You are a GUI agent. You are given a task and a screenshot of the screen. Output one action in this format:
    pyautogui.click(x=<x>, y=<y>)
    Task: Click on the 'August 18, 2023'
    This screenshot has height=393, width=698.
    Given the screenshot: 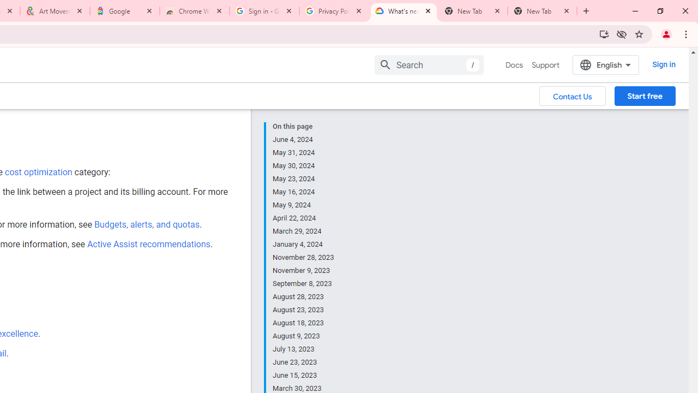 What is the action you would take?
    pyautogui.click(x=304, y=323)
    